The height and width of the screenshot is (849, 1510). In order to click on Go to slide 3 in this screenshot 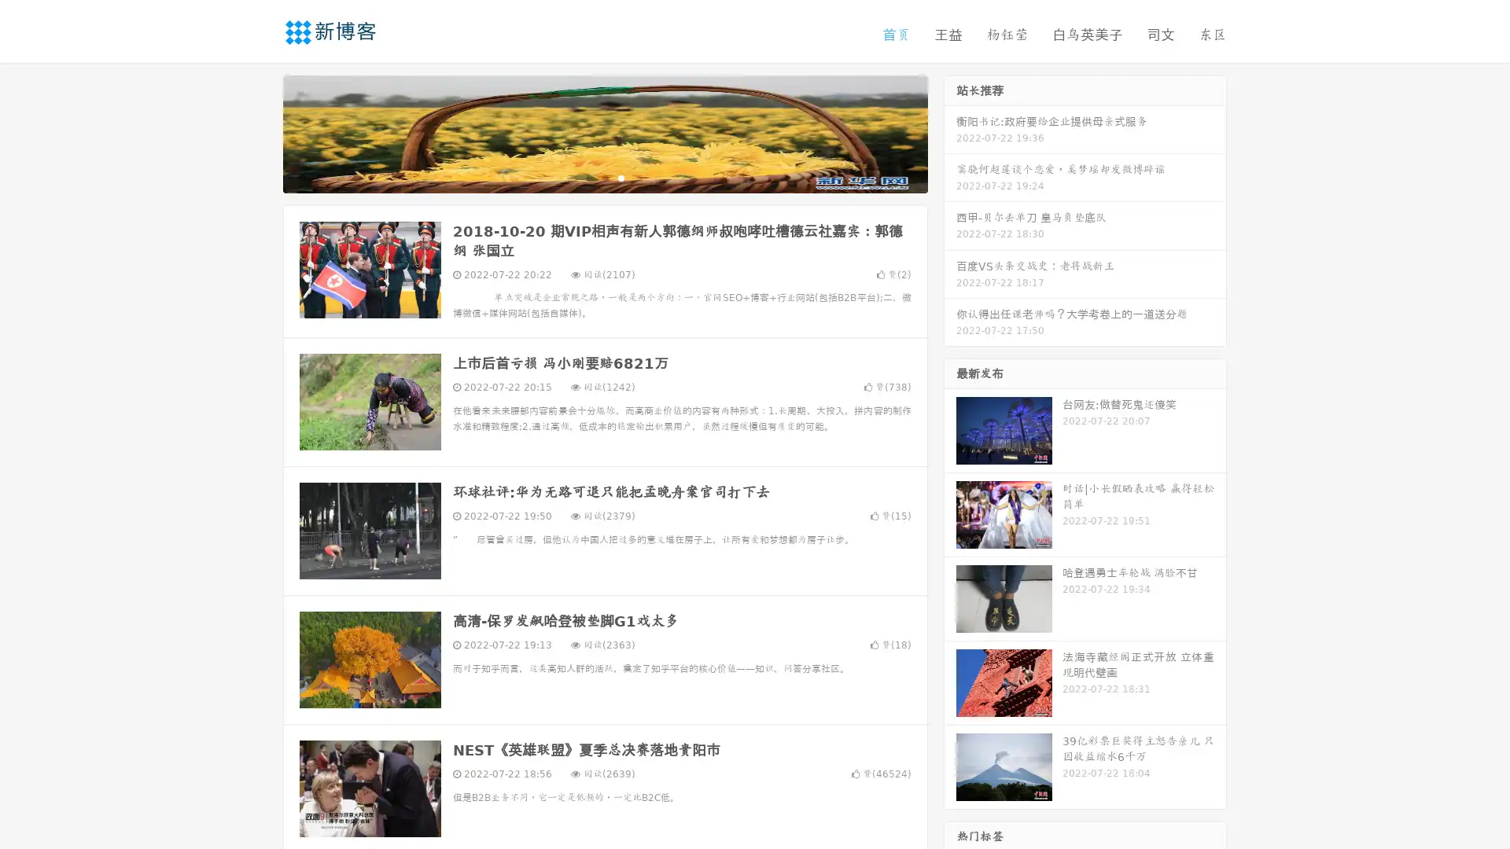, I will do `click(621, 177)`.